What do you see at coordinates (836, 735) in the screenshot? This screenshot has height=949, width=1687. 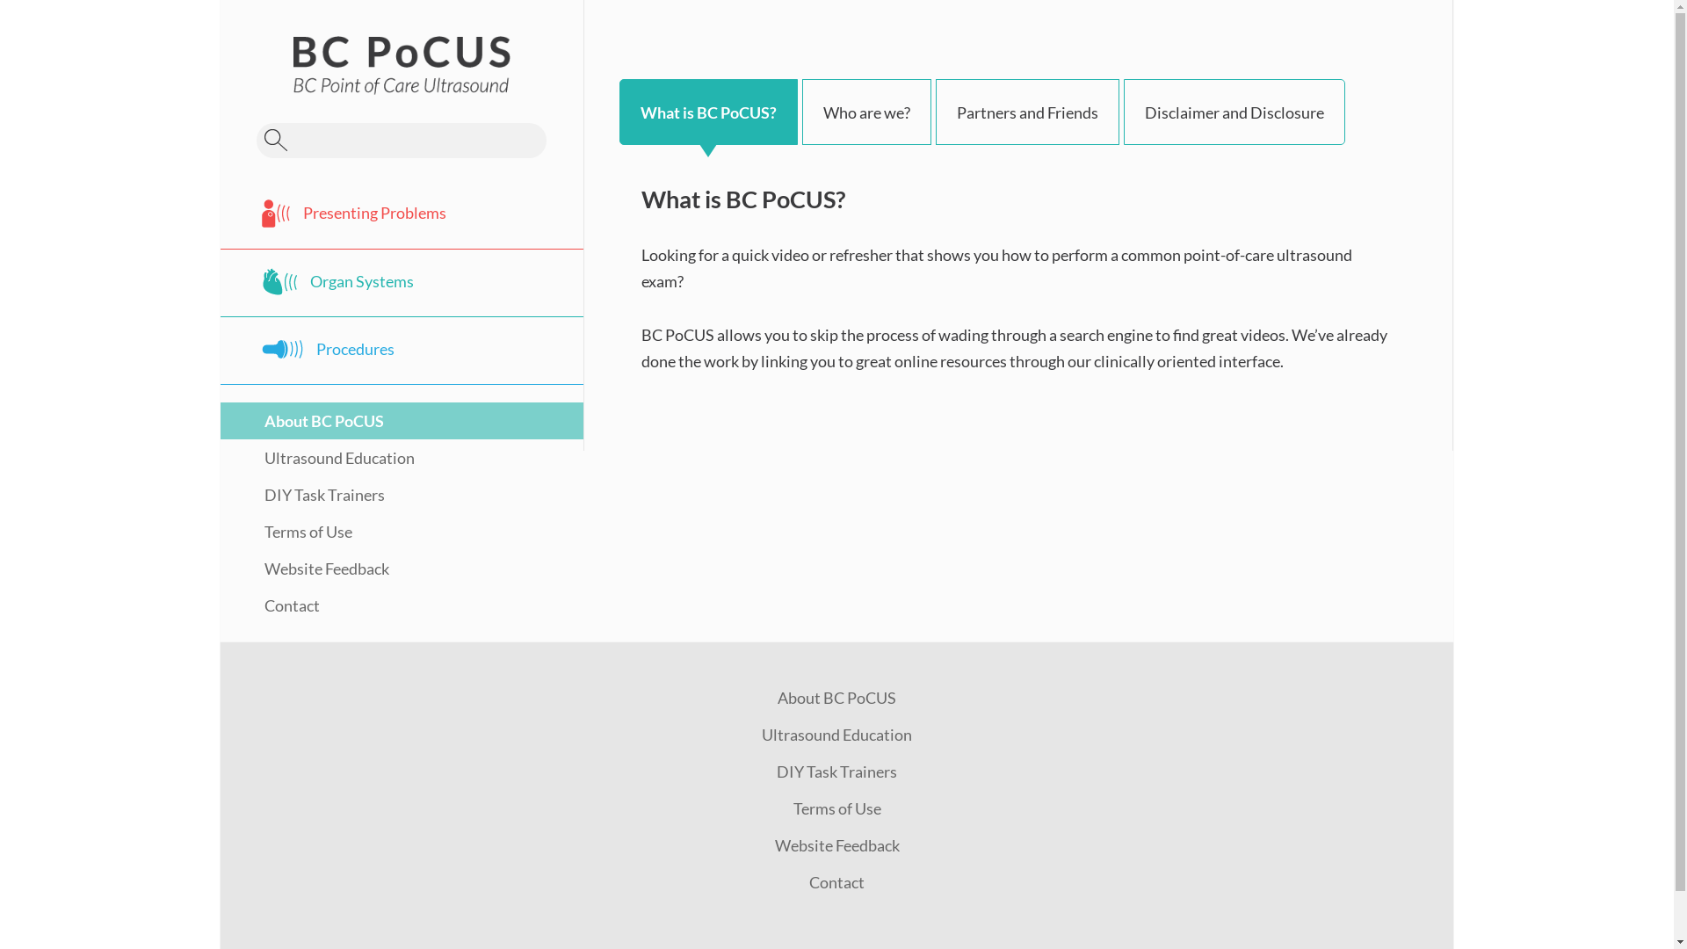 I see `'Ultrasound Education'` at bounding box center [836, 735].